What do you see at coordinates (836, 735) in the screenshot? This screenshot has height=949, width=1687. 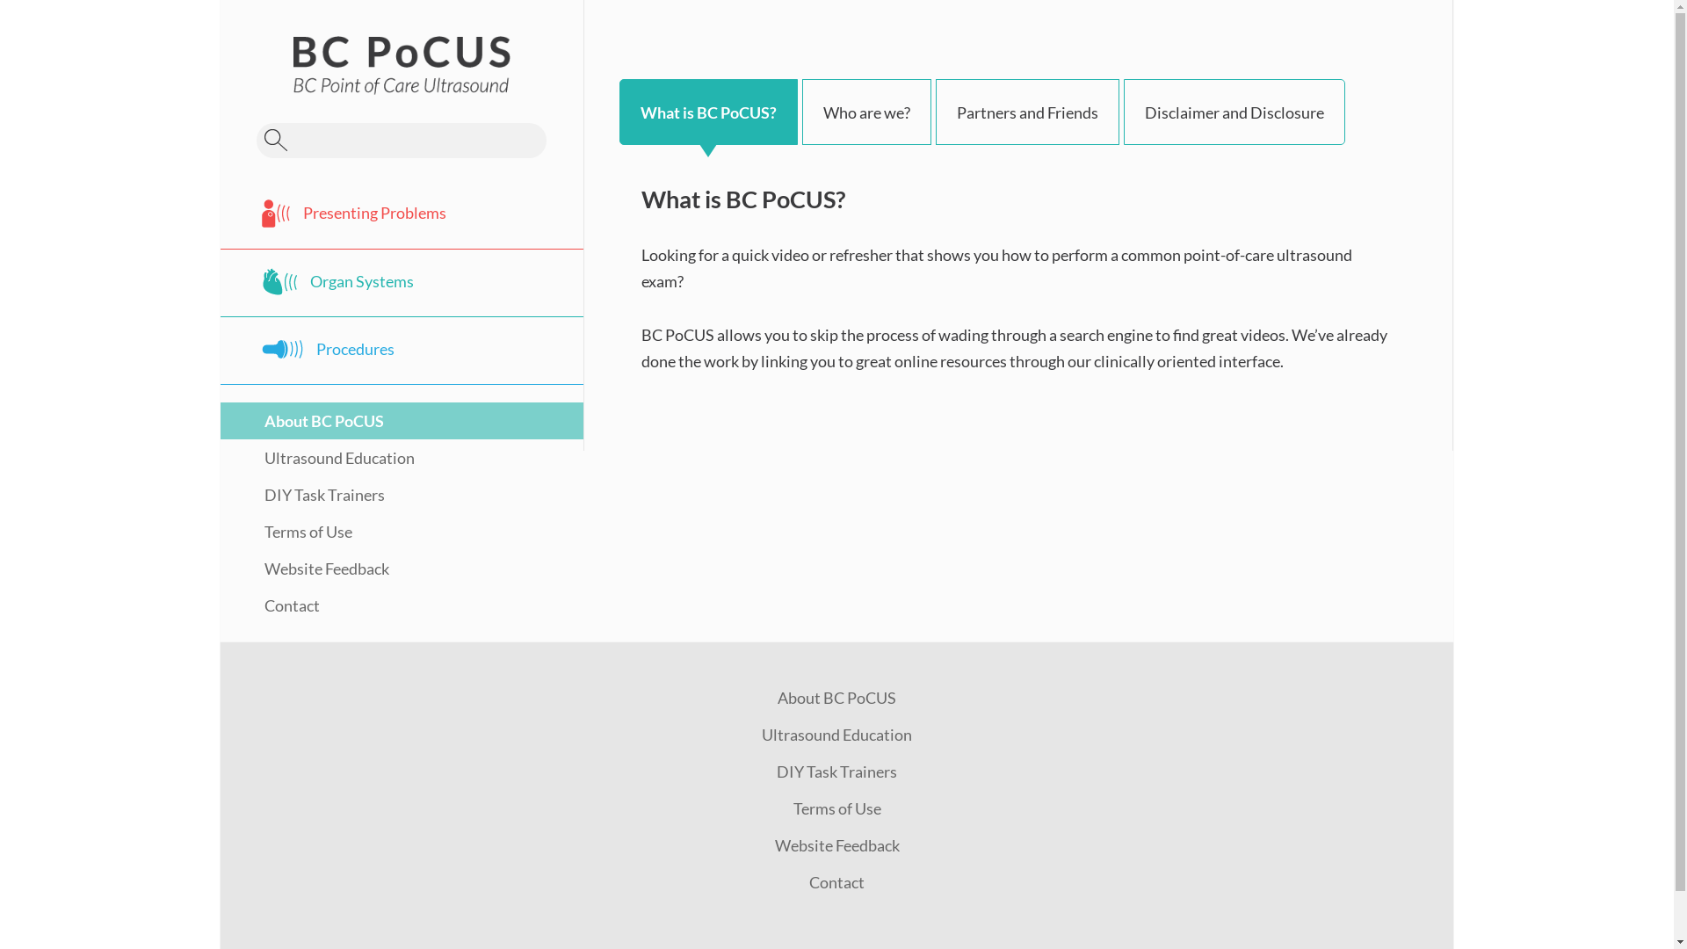 I see `'Ultrasound Education'` at bounding box center [836, 735].